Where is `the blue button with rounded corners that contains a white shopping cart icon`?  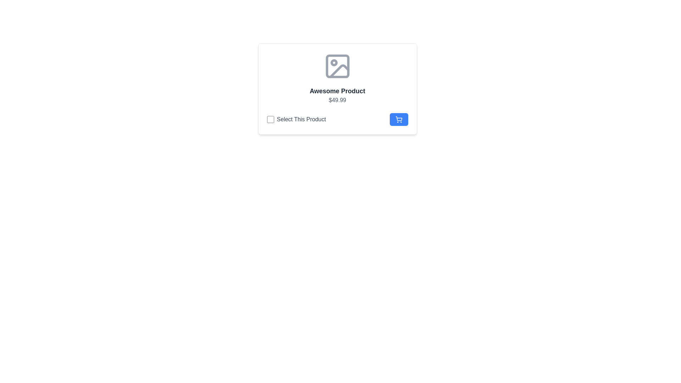 the blue button with rounded corners that contains a white shopping cart icon is located at coordinates (399, 119).